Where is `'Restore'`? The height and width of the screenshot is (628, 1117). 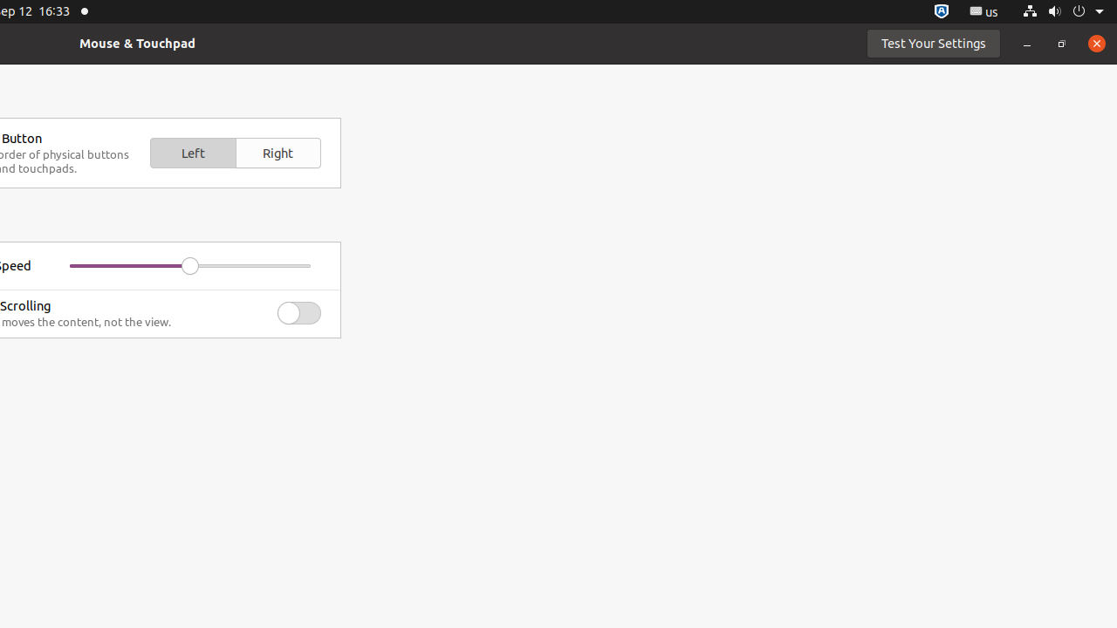
'Restore' is located at coordinates (1061, 42).